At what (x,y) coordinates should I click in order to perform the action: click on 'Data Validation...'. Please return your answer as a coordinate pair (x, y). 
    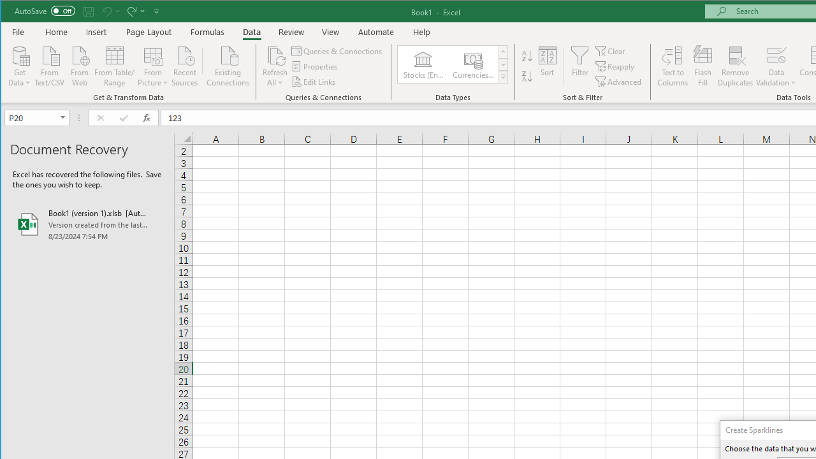
    Looking at the image, I should click on (775, 66).